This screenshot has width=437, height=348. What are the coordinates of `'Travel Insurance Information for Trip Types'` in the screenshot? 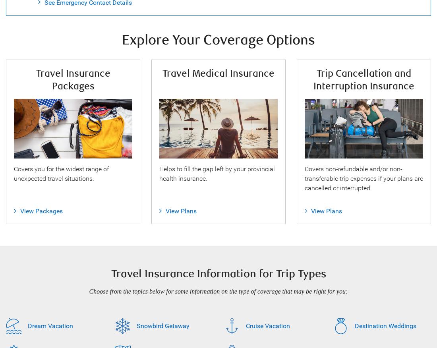 It's located at (218, 273).